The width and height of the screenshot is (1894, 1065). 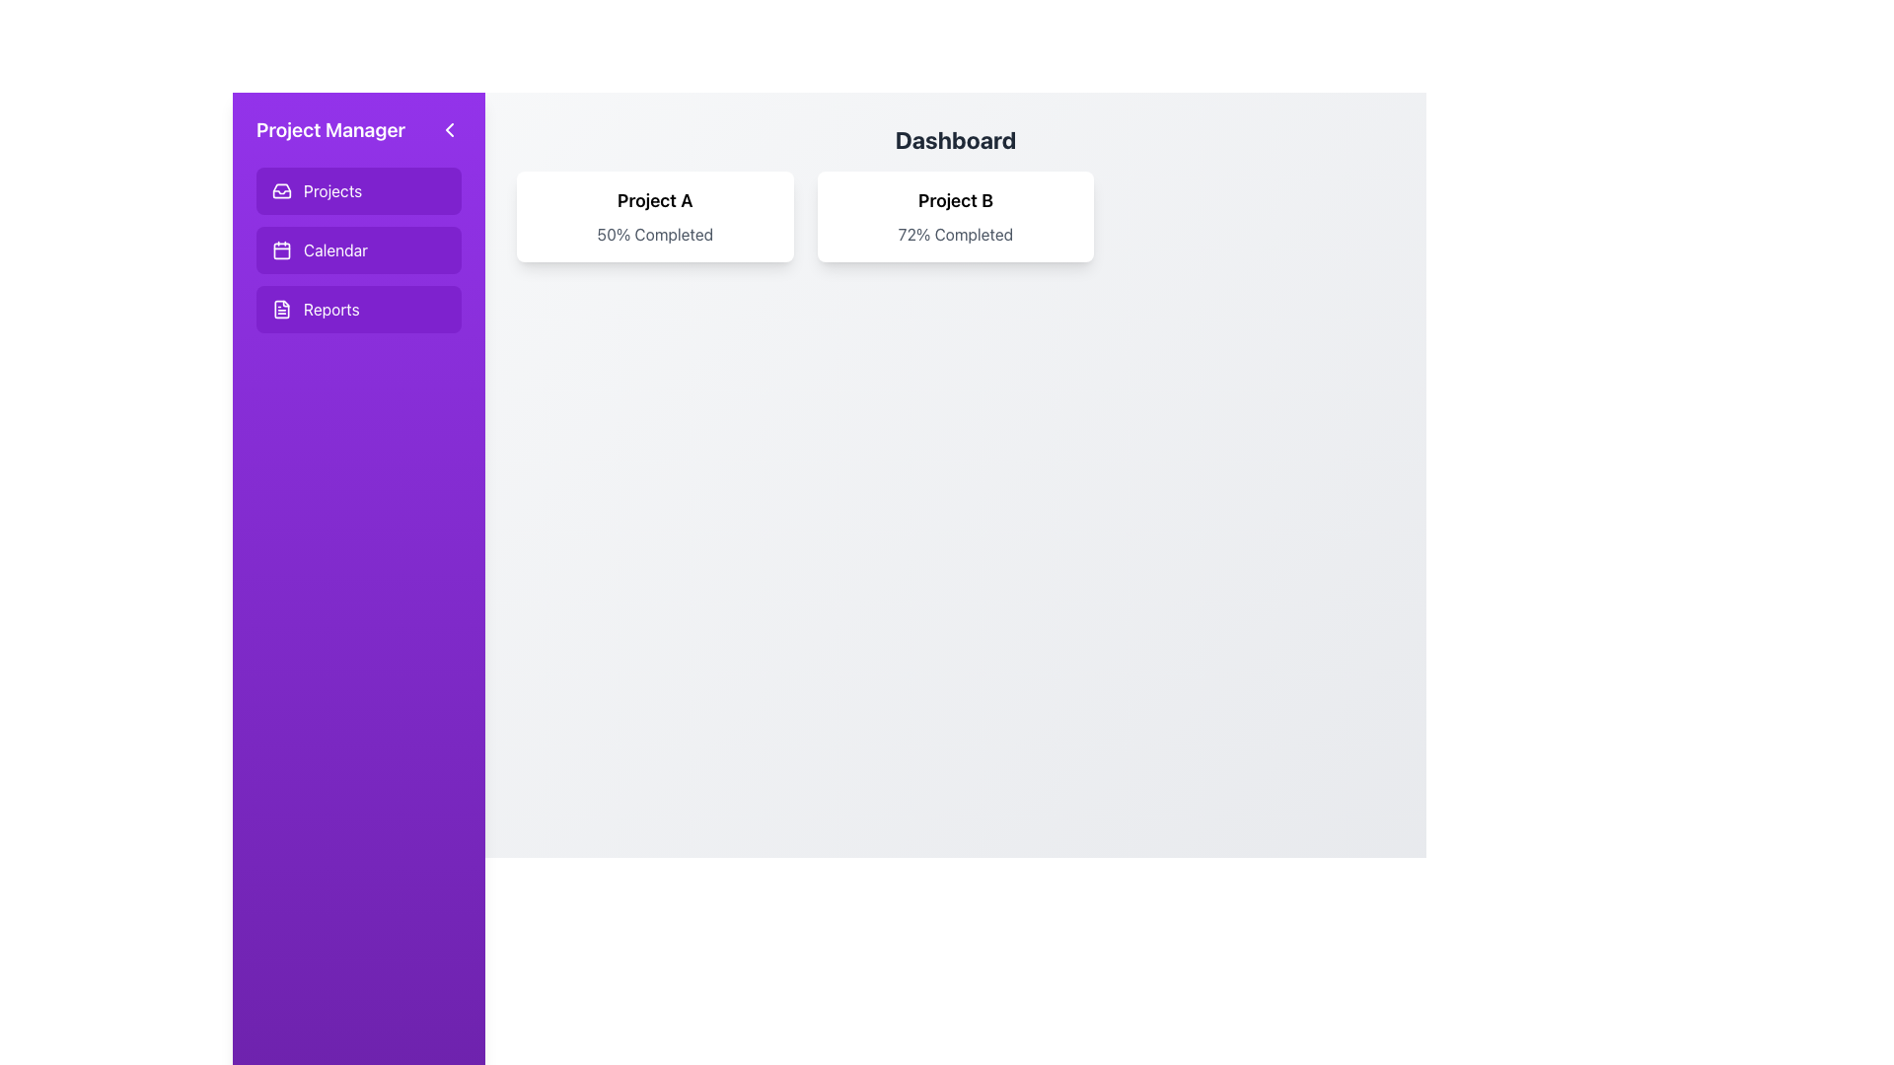 I want to click on the inbox icon represented as a stylized outline of a box with an open lid, located in the 'Projects' button on the left sidebar, so click(x=281, y=190).